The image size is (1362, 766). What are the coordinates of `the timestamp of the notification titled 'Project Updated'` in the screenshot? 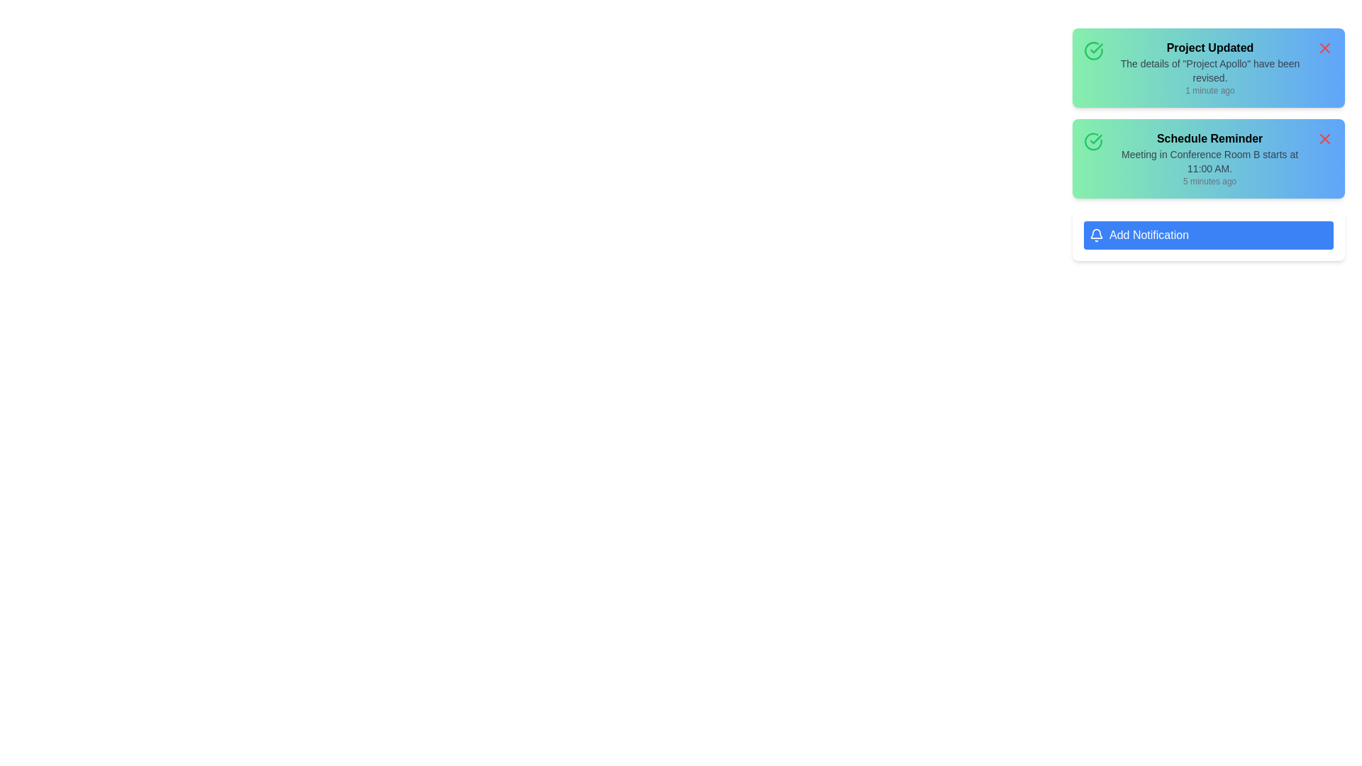 It's located at (1209, 90).